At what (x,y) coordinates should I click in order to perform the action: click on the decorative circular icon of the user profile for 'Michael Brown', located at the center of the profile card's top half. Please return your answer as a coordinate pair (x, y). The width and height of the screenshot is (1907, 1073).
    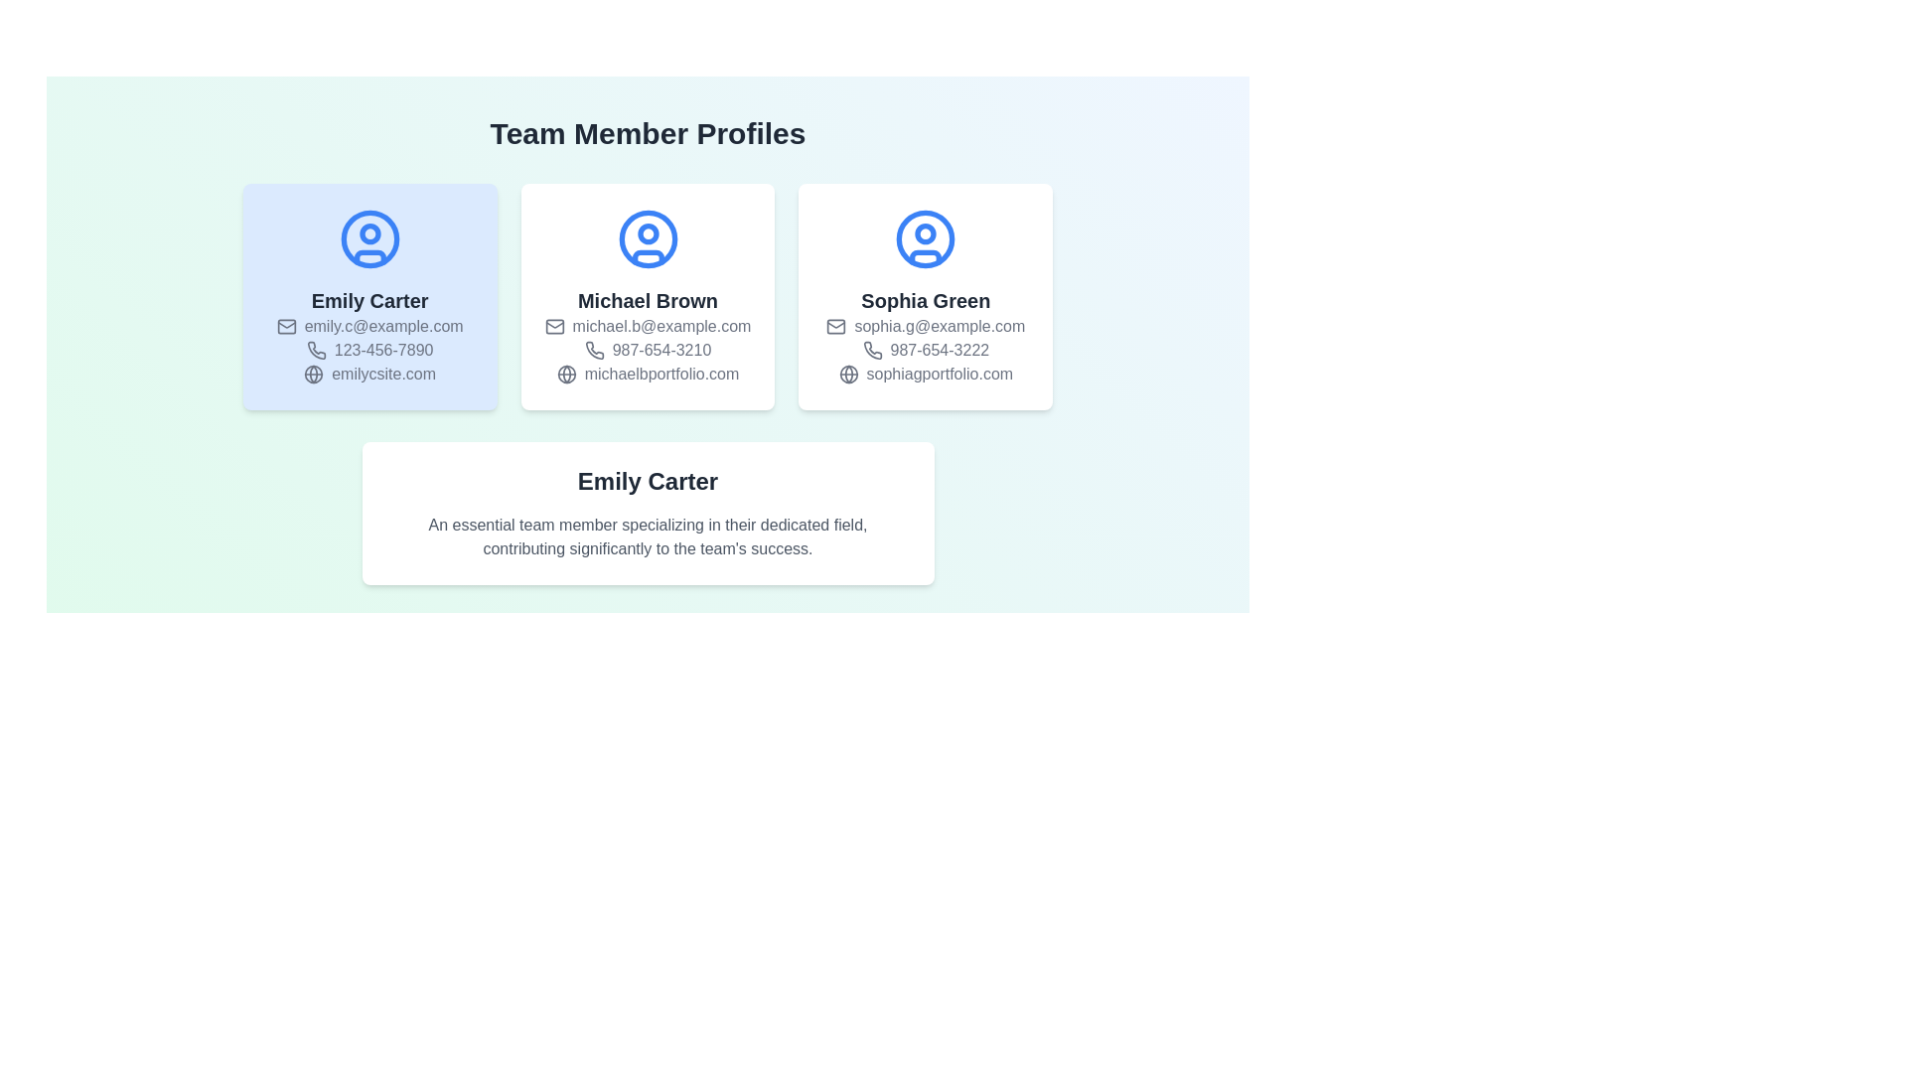
    Looking at the image, I should click on (648, 237).